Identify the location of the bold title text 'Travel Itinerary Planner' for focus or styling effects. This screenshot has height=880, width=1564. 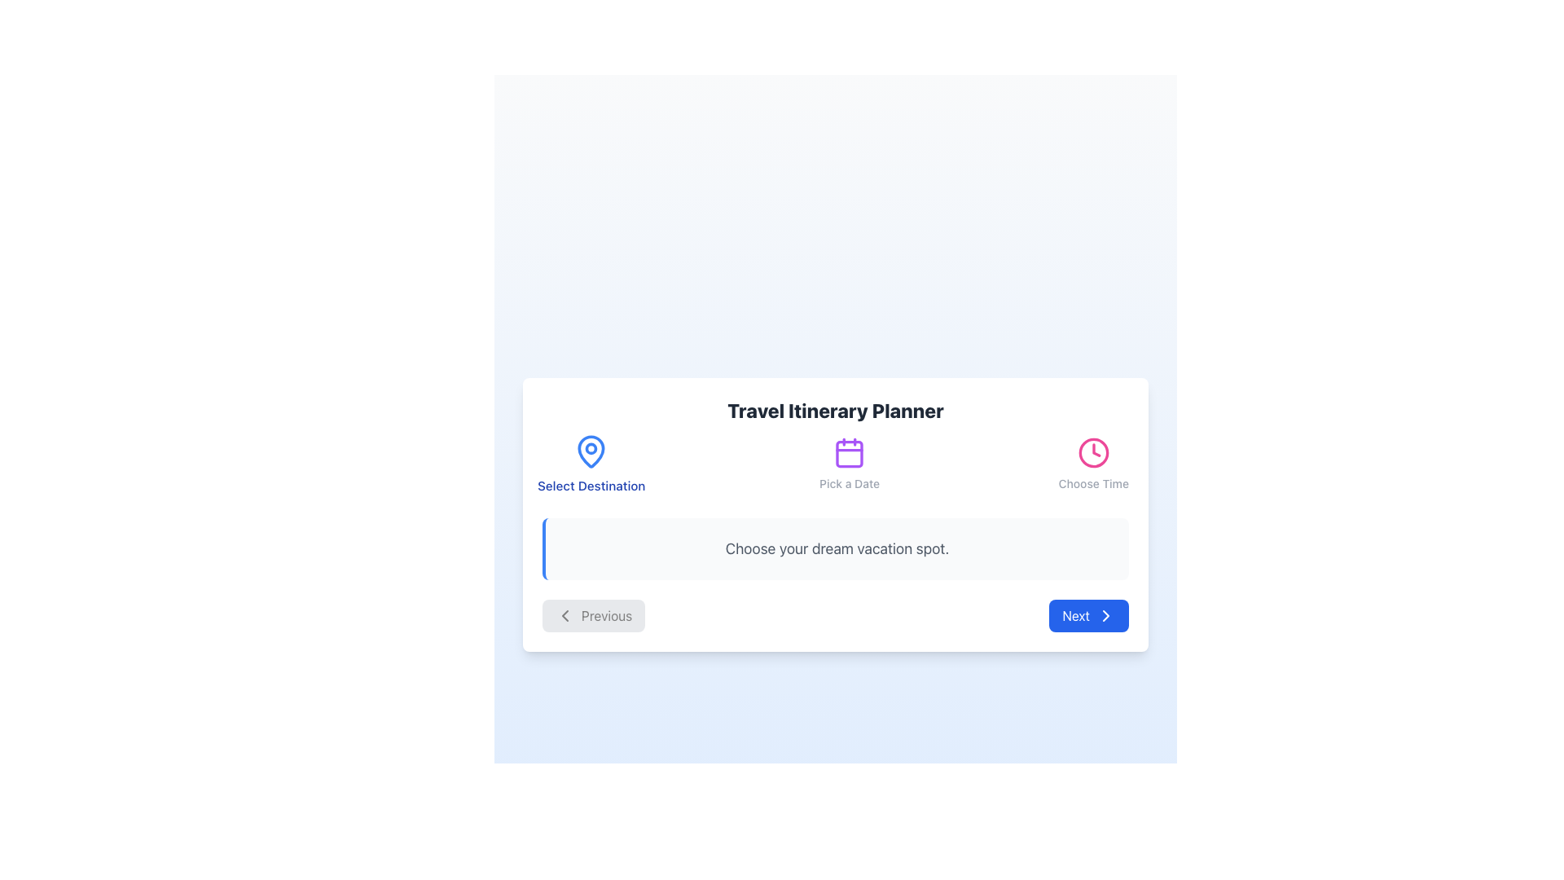
(836, 410).